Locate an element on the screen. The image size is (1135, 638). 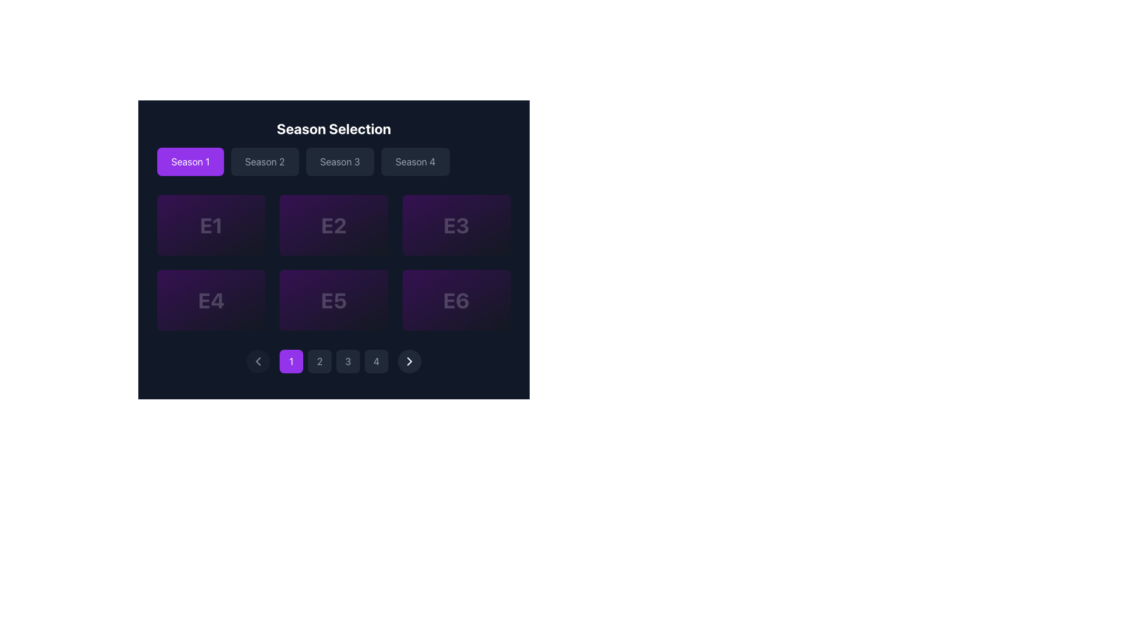
the card representing Episode 2, located as the second item in the top row of a three-row grid layout, to potentially reveal additional information is located at coordinates (333, 225).